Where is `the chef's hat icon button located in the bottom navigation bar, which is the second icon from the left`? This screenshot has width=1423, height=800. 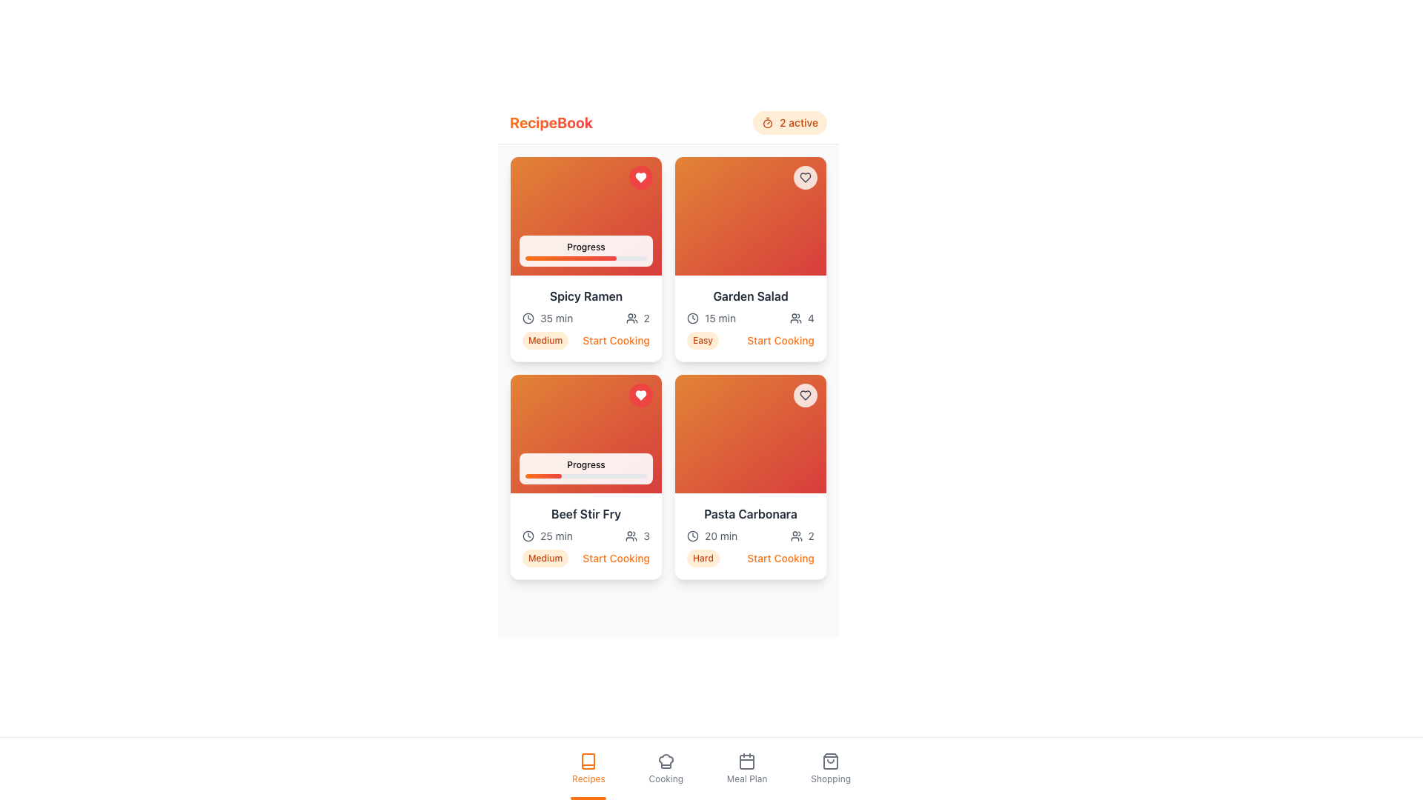
the chef's hat icon button located in the bottom navigation bar, which is the second icon from the left is located at coordinates (665, 761).